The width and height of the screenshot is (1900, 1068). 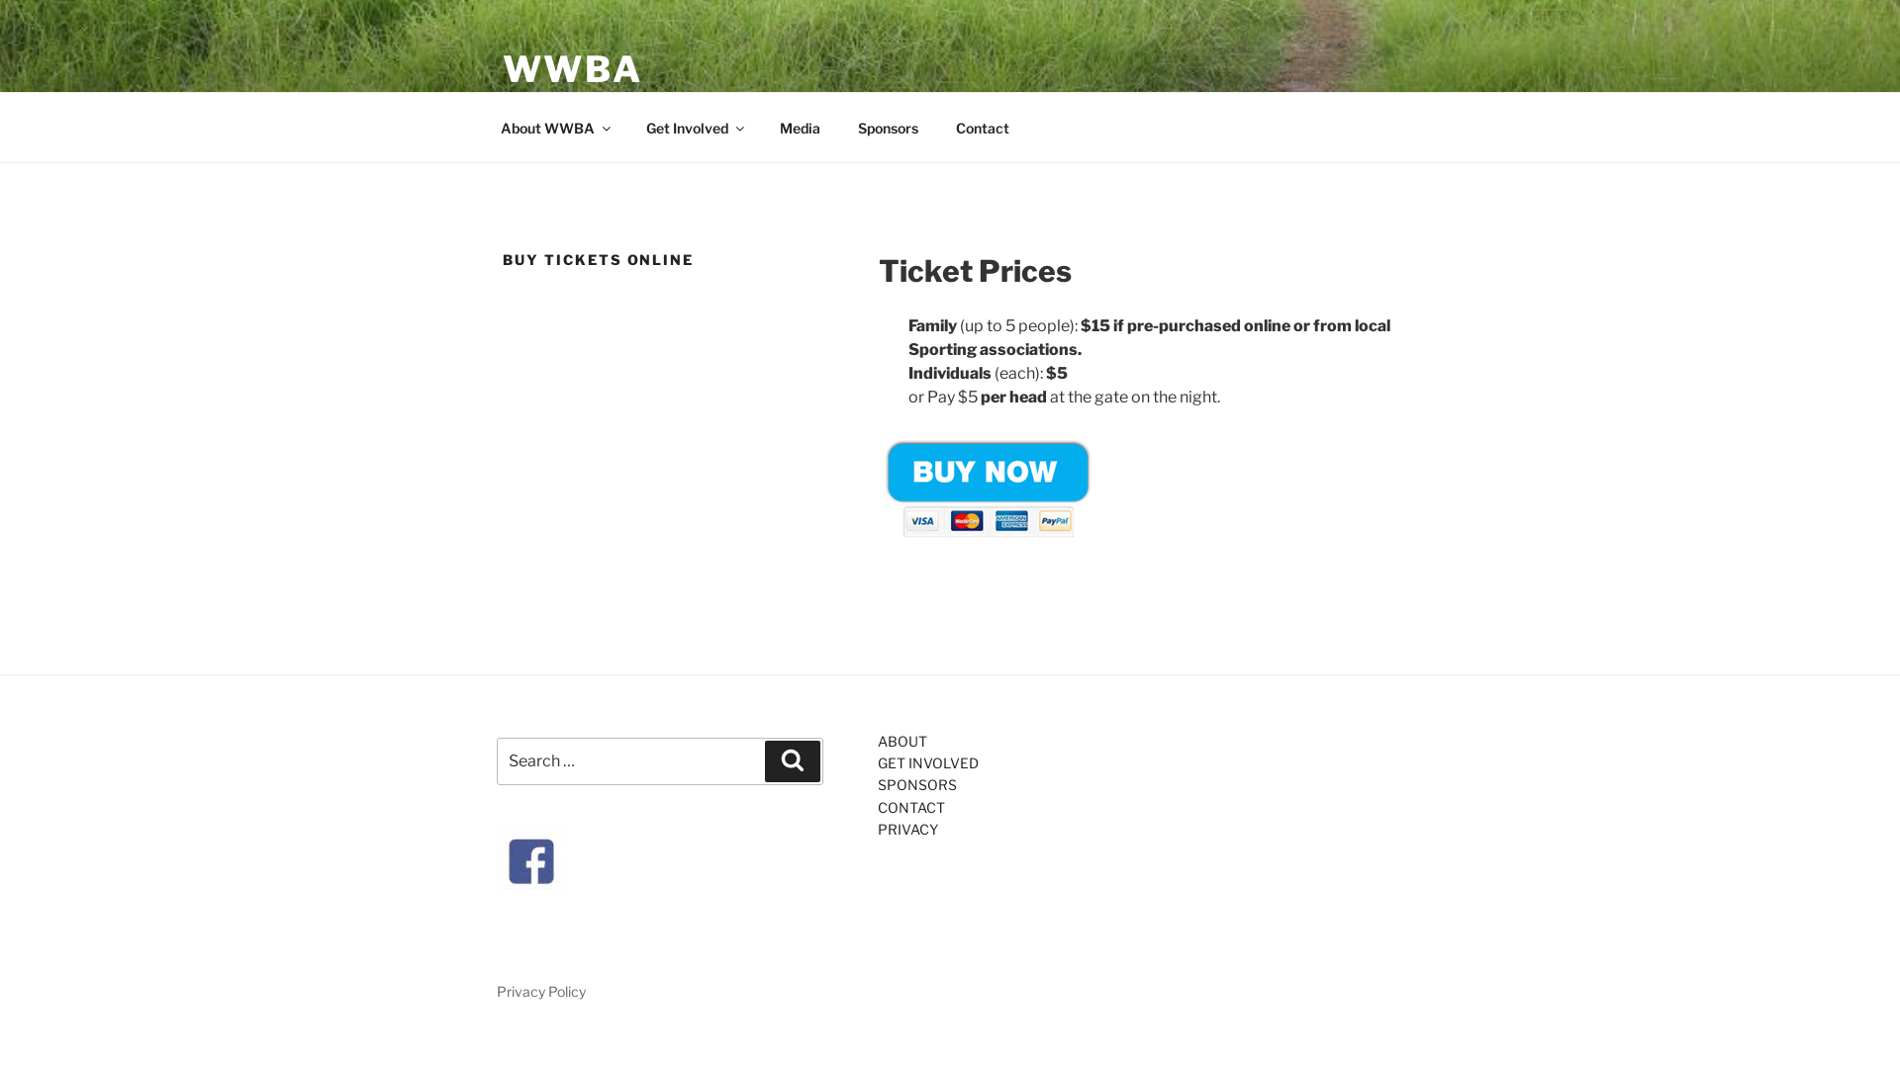 What do you see at coordinates (693, 127) in the screenshot?
I see `'Get Involved'` at bounding box center [693, 127].